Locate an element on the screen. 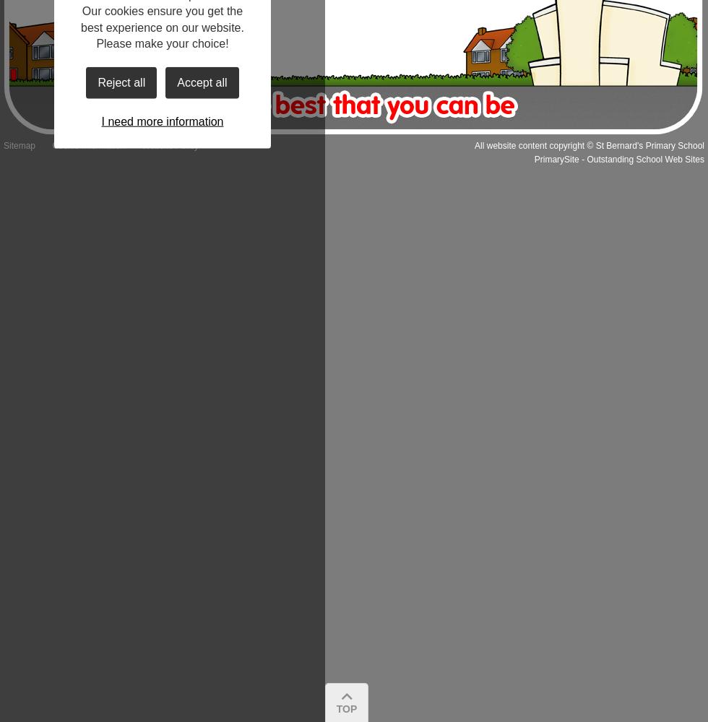 The height and width of the screenshot is (722, 708). 'Reject all' is located at coordinates (121, 81).